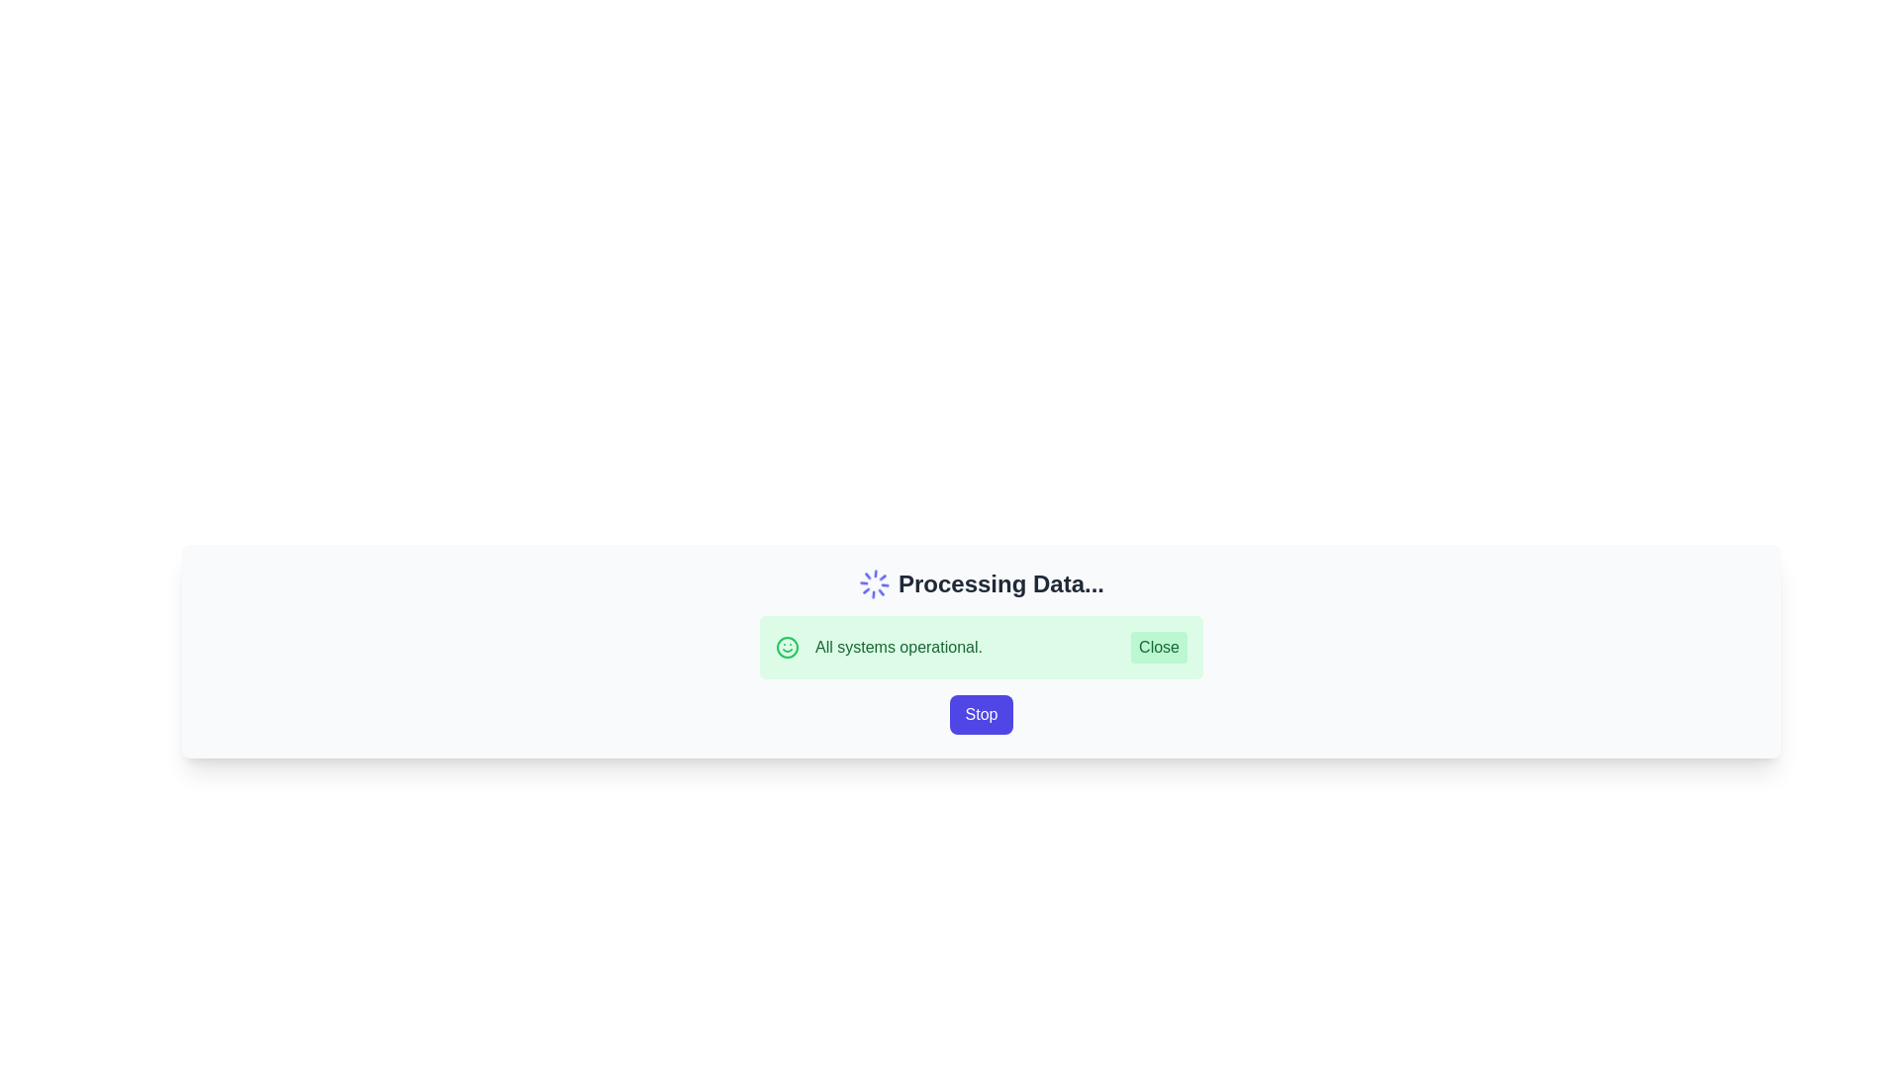 This screenshot has width=1900, height=1068. What do you see at coordinates (898, 648) in the screenshot?
I see `the text label displaying 'All systems operational.' in a green font, located in the middle of the notification banner` at bounding box center [898, 648].